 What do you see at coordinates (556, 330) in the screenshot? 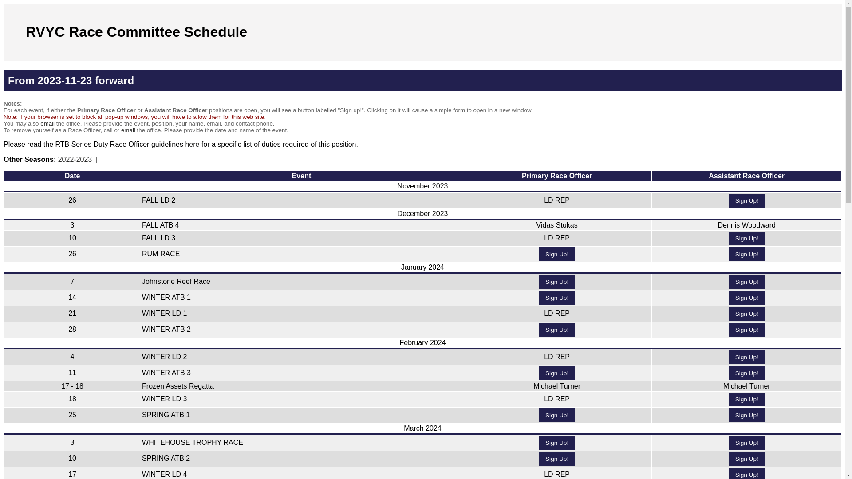
I see `'Sign Up!'` at bounding box center [556, 330].